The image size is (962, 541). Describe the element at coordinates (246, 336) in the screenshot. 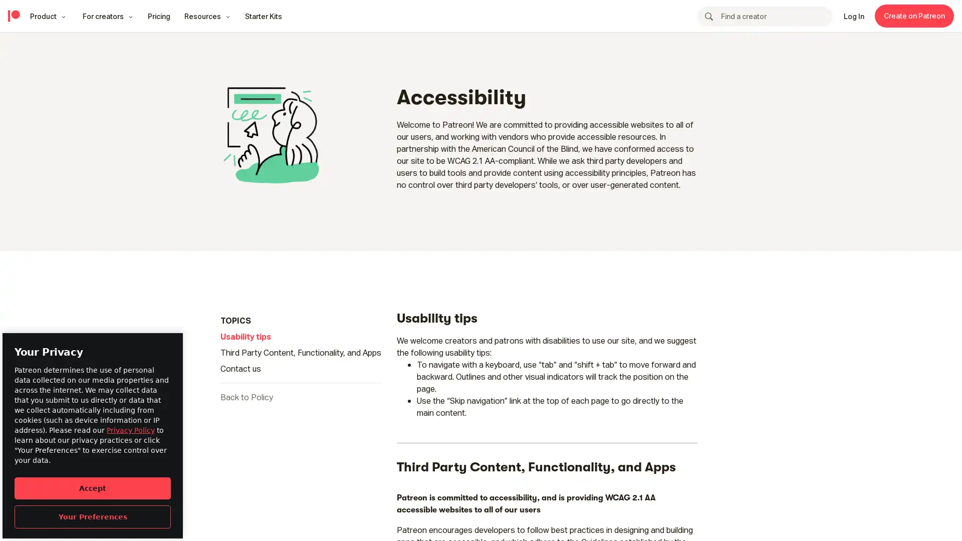

I see `Usability tips` at that location.